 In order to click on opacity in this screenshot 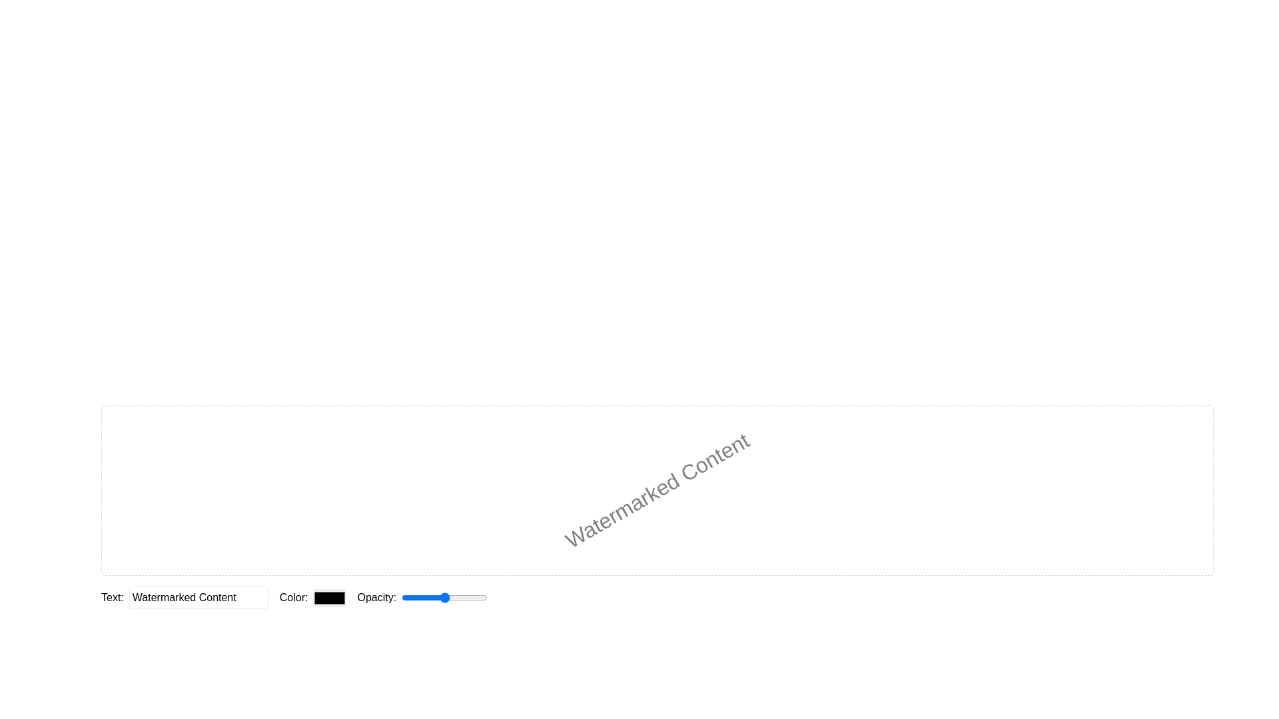, I will do `click(486, 597)`.